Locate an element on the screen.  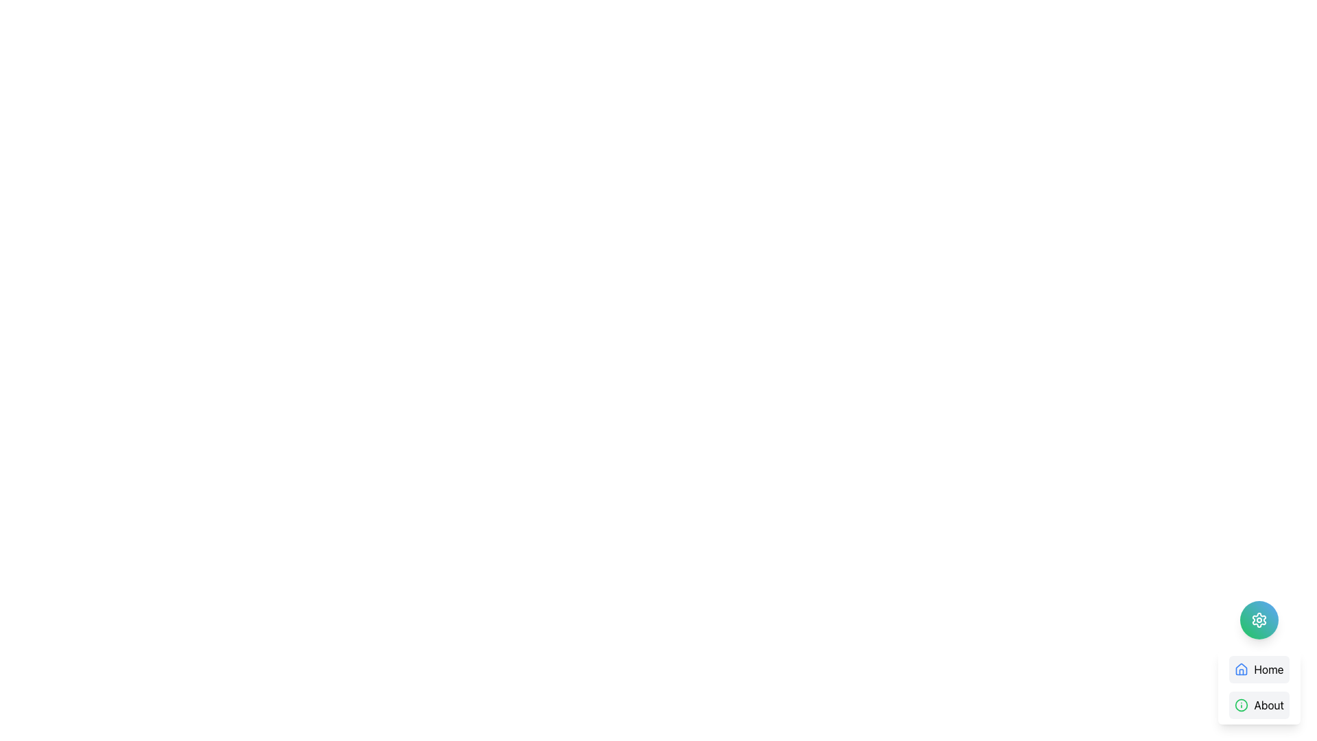
the 'About' button, which is the second item in a vertical list with a green circular 'i' icon and light gray background is located at coordinates (1259, 705).